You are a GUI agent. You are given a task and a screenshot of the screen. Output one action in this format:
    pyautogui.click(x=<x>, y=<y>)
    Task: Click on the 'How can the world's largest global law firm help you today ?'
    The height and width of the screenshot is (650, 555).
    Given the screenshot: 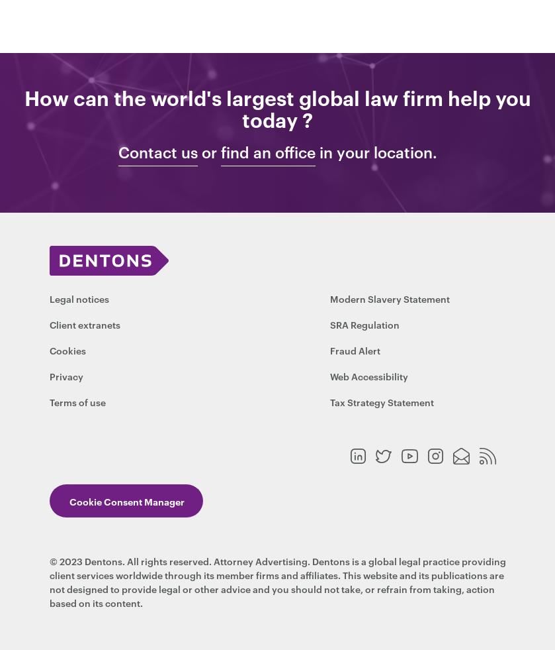 What is the action you would take?
    pyautogui.click(x=23, y=106)
    